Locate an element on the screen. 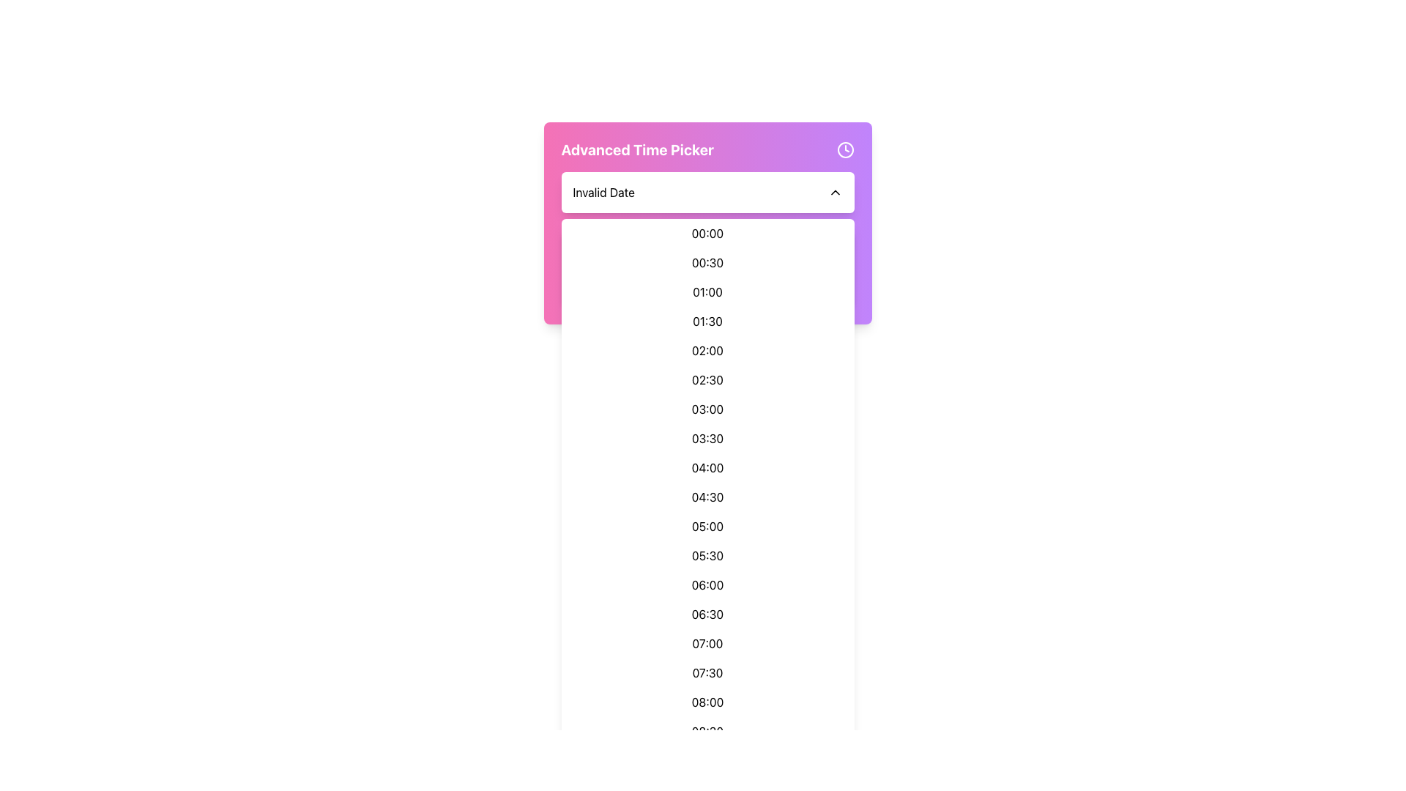 This screenshot has width=1406, height=791. the centered circular component within the clock SVG icon located near the top-right corner of the interface, next to the title 'Advanced Time Picker' is located at coordinates (845, 149).